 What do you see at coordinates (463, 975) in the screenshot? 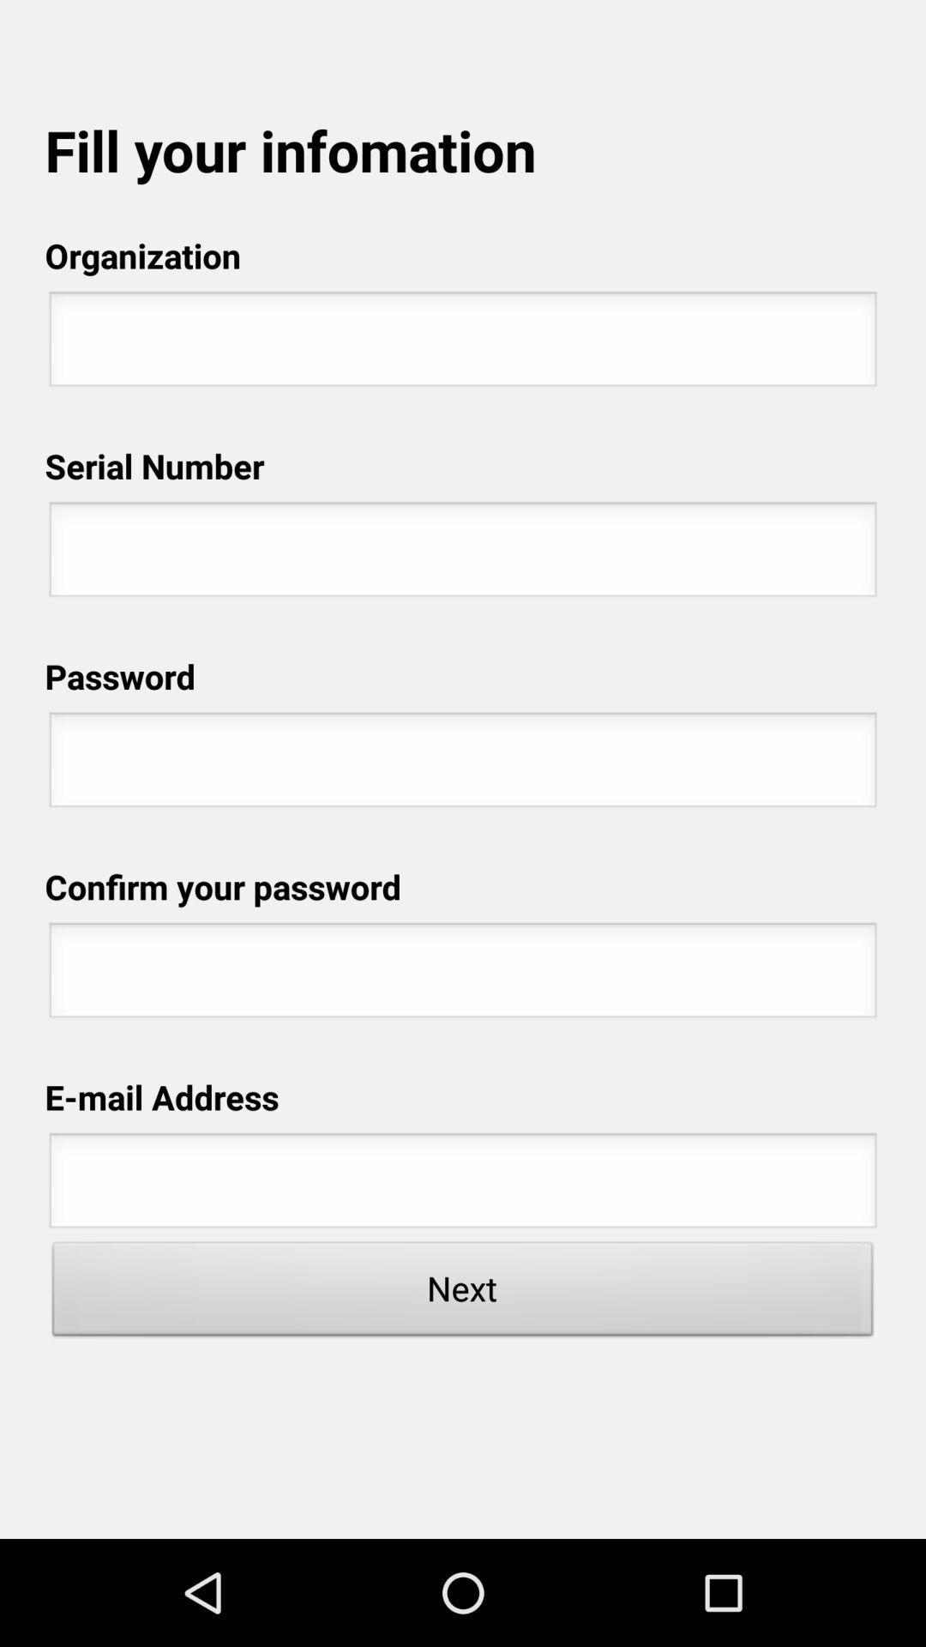
I see `password` at bounding box center [463, 975].